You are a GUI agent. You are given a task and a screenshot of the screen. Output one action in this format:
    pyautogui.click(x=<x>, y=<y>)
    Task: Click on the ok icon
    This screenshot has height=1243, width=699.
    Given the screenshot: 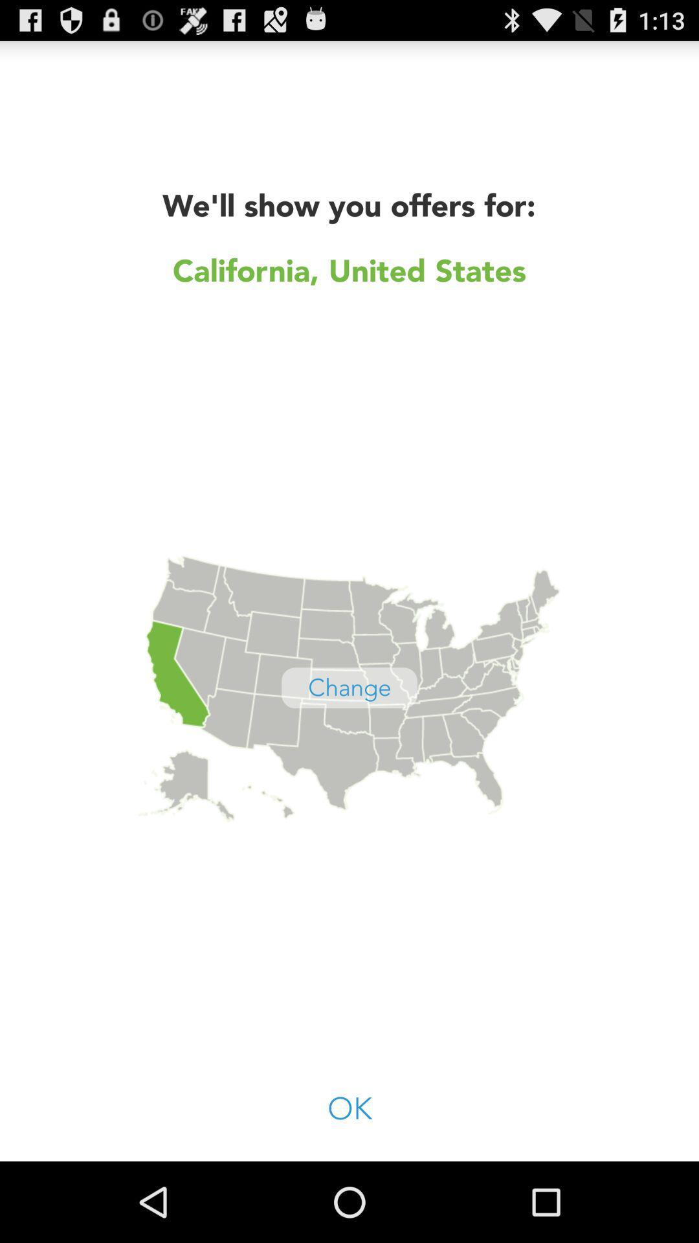 What is the action you would take?
    pyautogui.click(x=349, y=1110)
    